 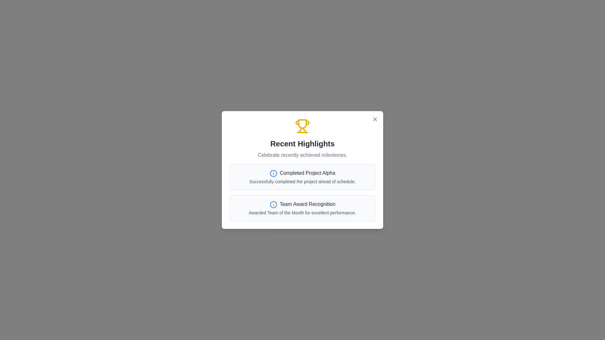 I want to click on the decorative alert icon on the trophy component located at the center-top of the interface, slightly to the left of the 'Recent Highlights' heading, so click(x=297, y=122).